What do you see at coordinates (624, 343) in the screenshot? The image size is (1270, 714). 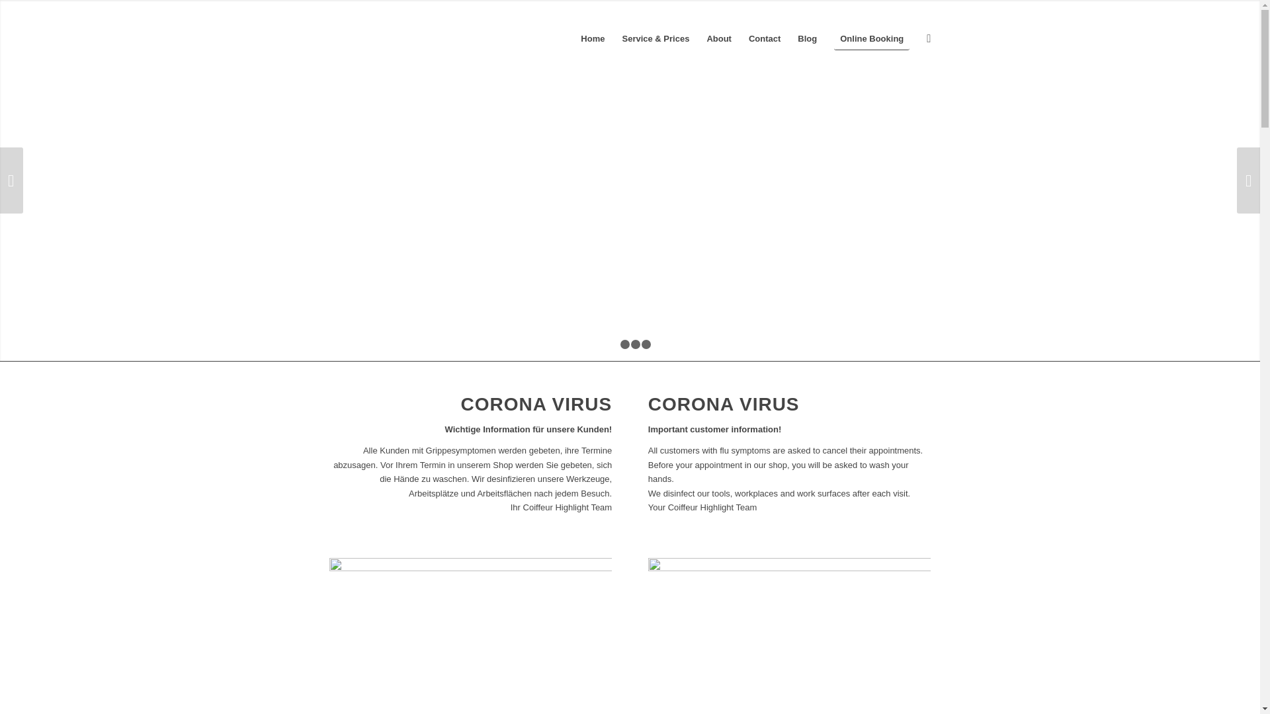 I see `'2'` at bounding box center [624, 343].